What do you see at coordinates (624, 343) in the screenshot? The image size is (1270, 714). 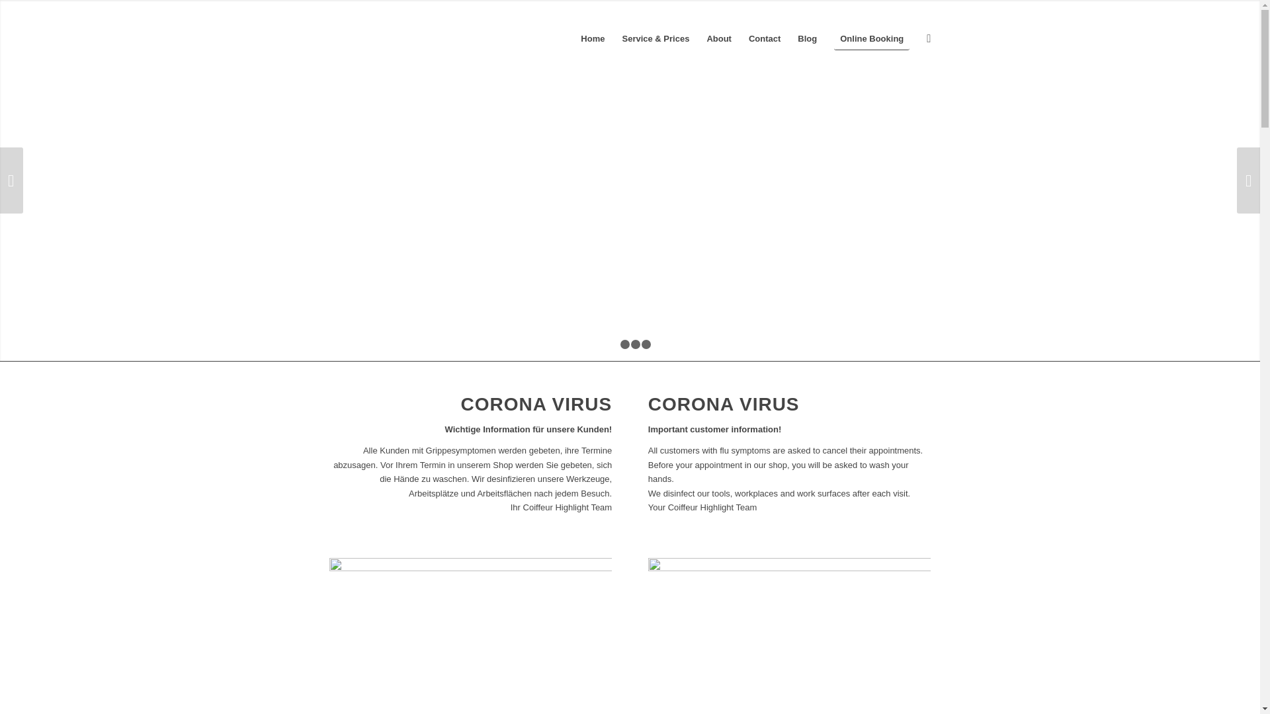 I see `'2'` at bounding box center [624, 343].